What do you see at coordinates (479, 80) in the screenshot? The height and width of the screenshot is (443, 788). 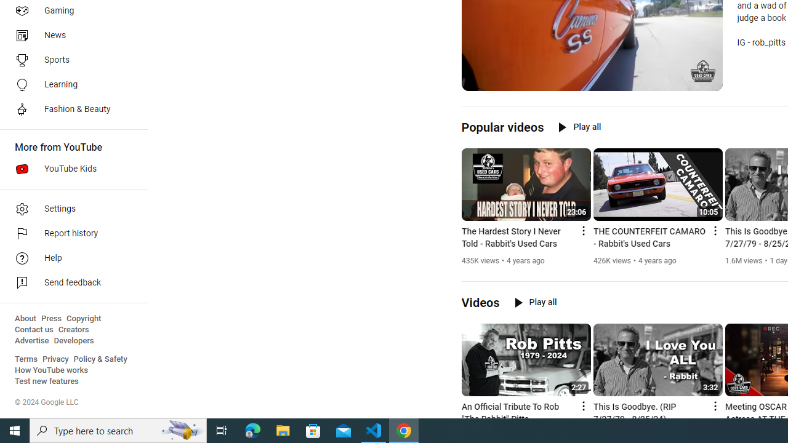 I see `'Pause (k)'` at bounding box center [479, 80].